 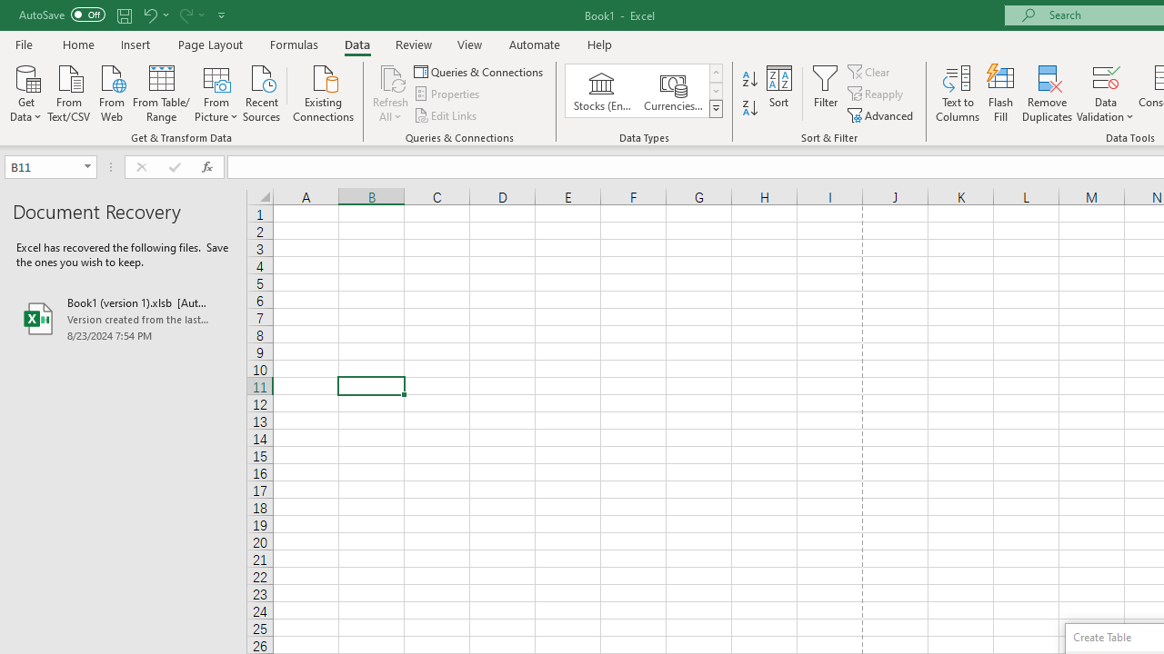 I want to click on 'Redo', so click(x=185, y=15).